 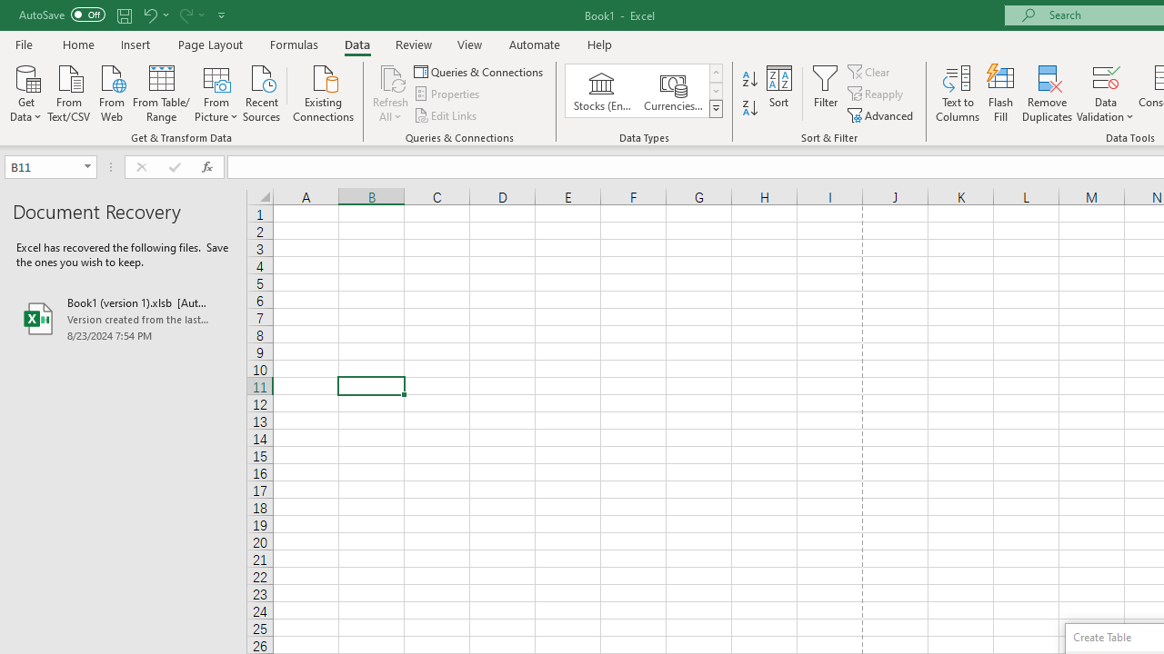 I want to click on 'Redo', so click(x=185, y=15).